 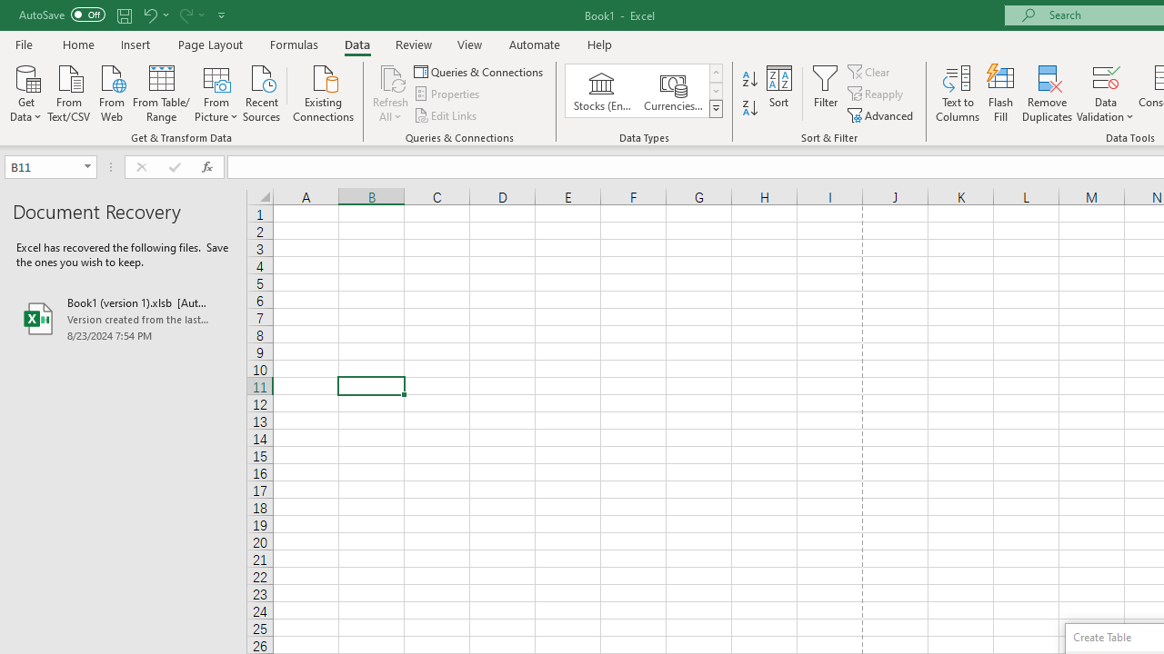 I want to click on 'Redo', so click(x=185, y=15).